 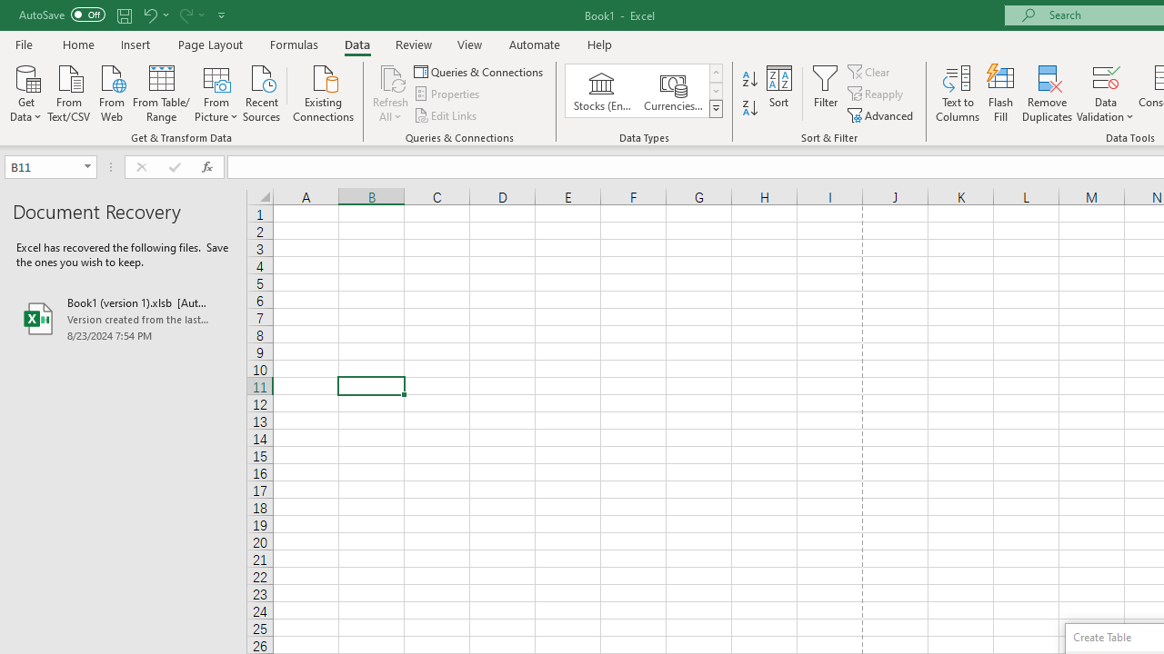 I want to click on 'Redo', so click(x=185, y=15).